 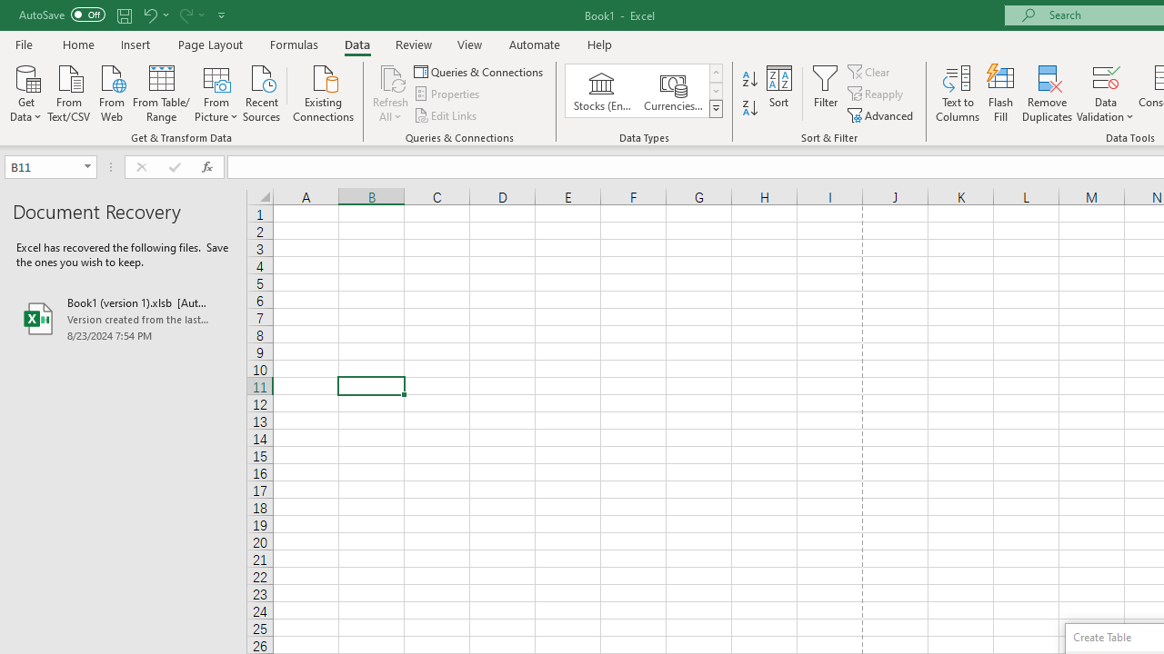 I want to click on 'Redo', so click(x=185, y=15).